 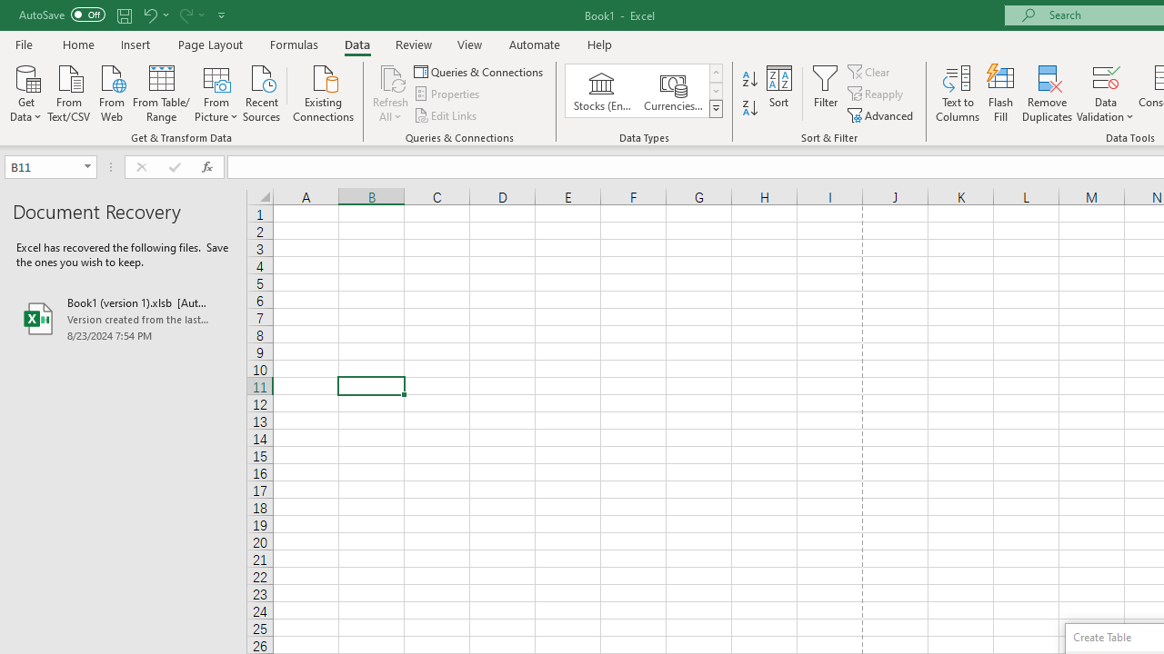 I want to click on 'Redo', so click(x=185, y=15).